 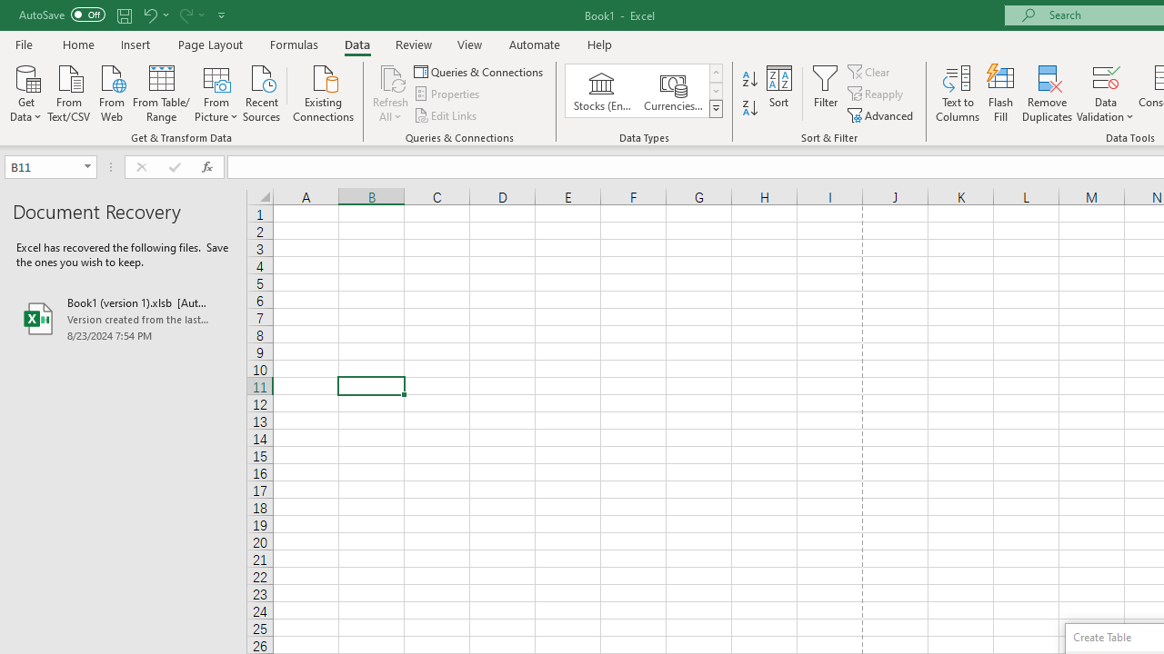 I want to click on 'Redo', so click(x=185, y=15).